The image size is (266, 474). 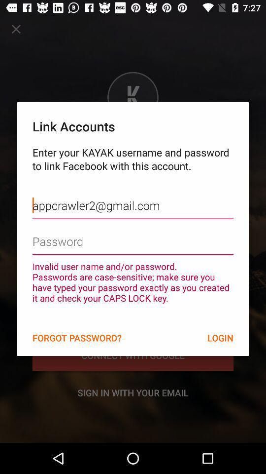 What do you see at coordinates (220, 338) in the screenshot?
I see `item to the right of forgot password? item` at bounding box center [220, 338].